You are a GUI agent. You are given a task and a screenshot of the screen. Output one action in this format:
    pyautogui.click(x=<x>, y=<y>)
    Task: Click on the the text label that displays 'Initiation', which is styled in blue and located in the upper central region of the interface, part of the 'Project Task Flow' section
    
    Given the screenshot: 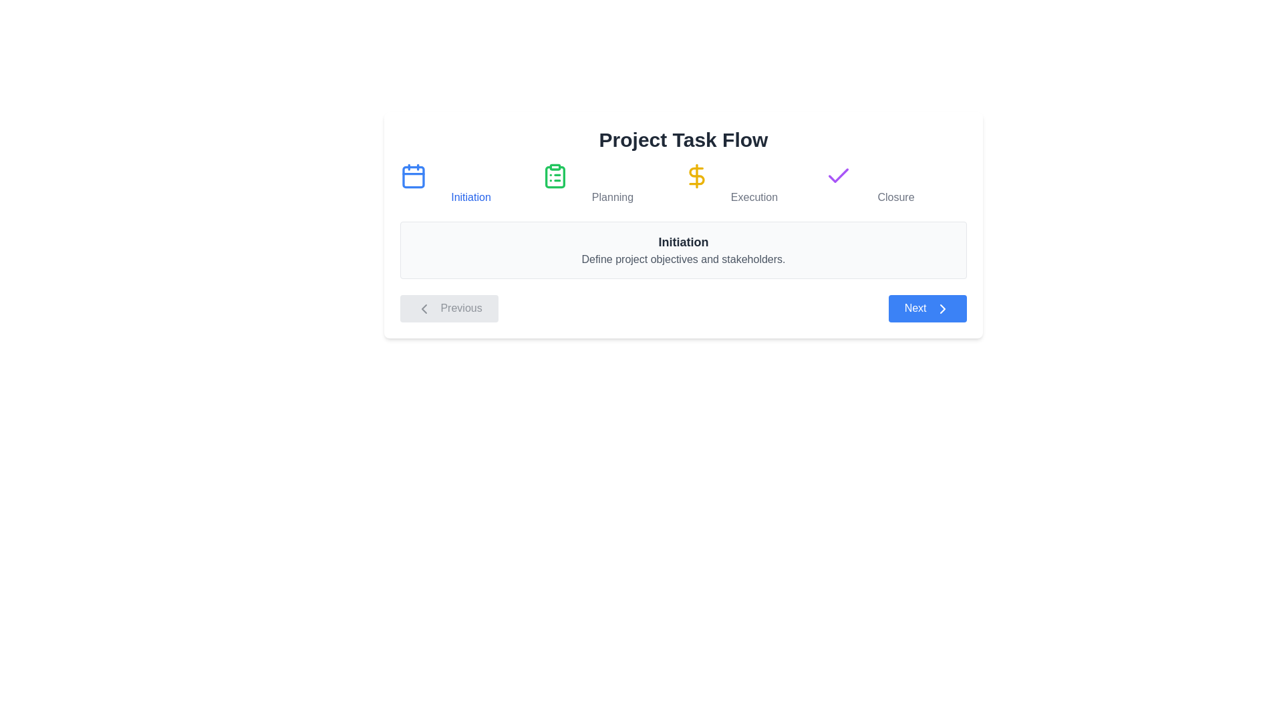 What is the action you would take?
    pyautogui.click(x=471, y=198)
    